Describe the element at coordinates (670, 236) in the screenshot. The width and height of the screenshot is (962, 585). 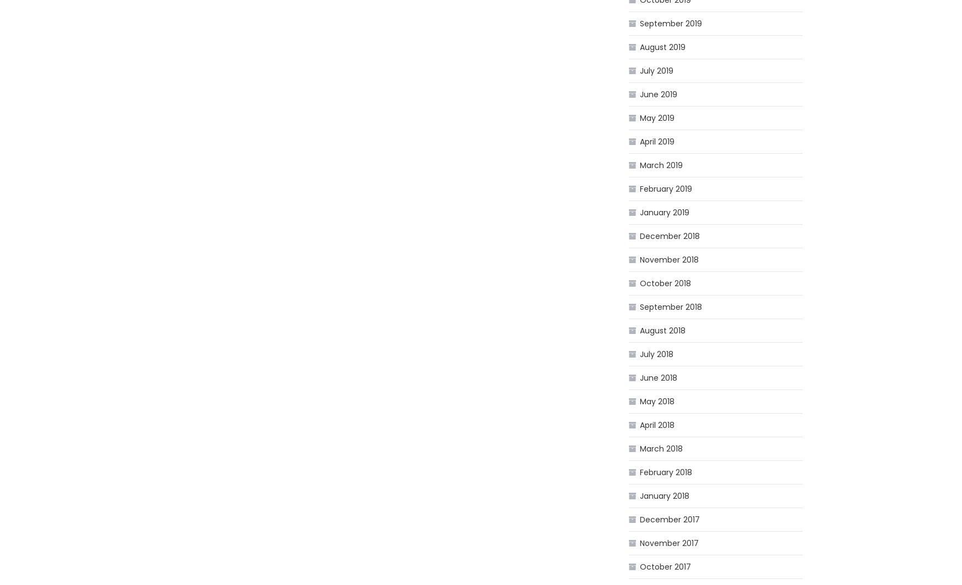
I see `'December 2018'` at that location.